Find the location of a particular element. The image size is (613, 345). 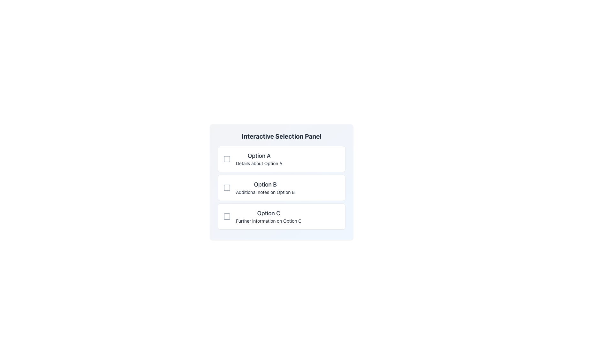

the Text Group that provides context for 'Option B', located between 'Option A' and 'Option C' in the vertical list of selectable options is located at coordinates (265, 187).